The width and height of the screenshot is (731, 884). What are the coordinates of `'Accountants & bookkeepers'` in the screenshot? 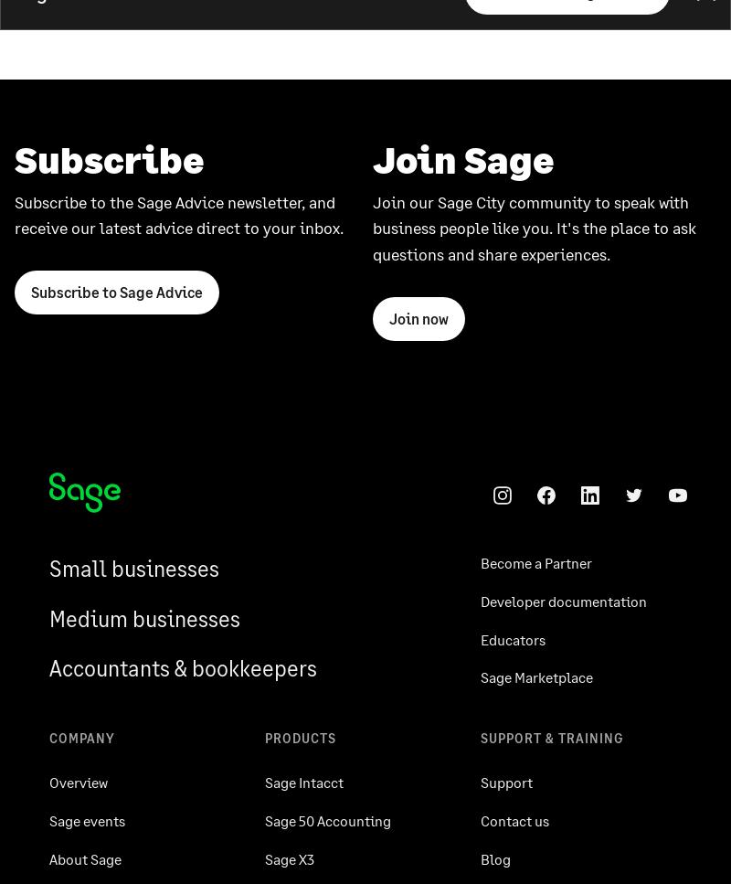 It's located at (183, 666).